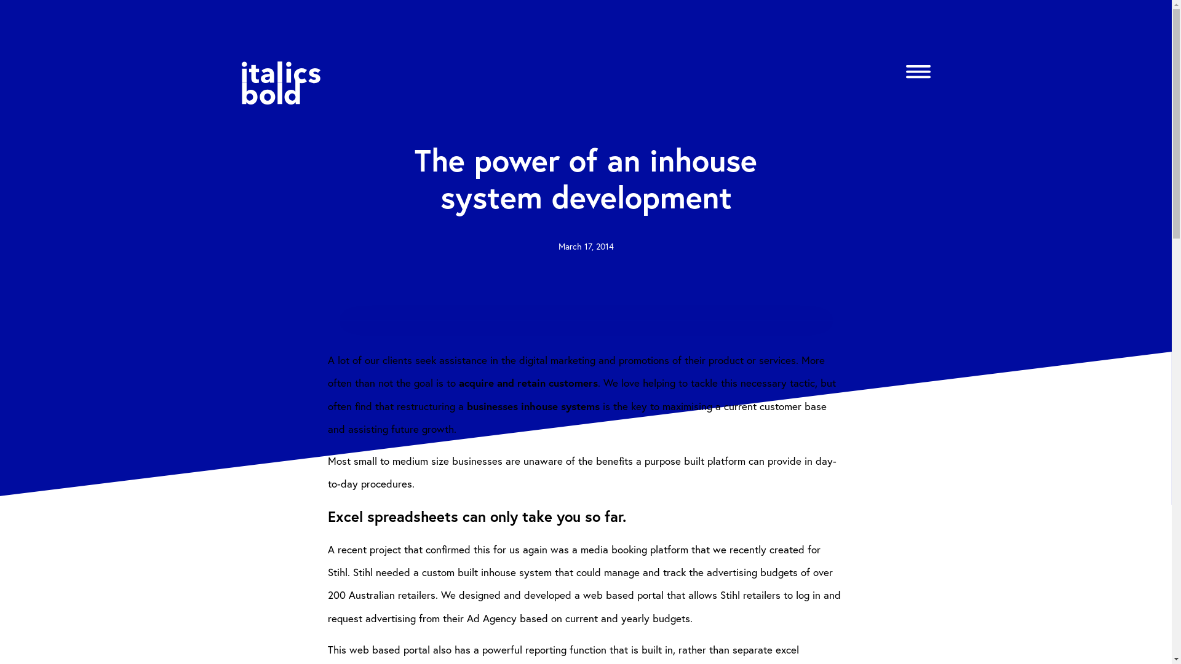 This screenshot has height=664, width=1181. I want to click on 'March 17, 2014', so click(586, 246).